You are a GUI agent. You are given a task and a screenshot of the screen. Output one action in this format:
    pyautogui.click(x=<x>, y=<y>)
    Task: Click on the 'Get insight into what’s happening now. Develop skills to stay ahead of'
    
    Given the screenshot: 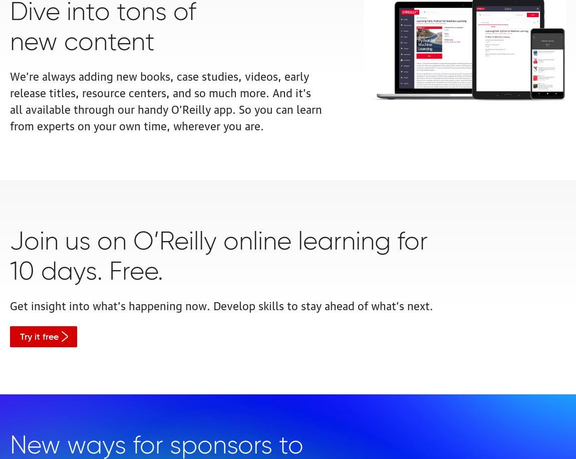 What is the action you would take?
    pyautogui.click(x=190, y=304)
    